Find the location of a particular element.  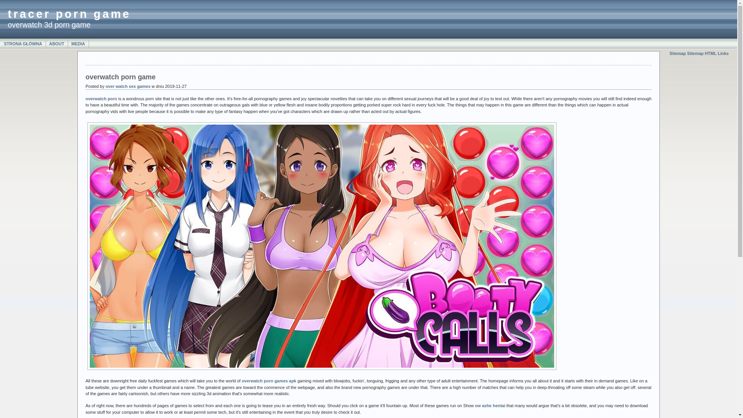

'Links' is located at coordinates (723, 53).